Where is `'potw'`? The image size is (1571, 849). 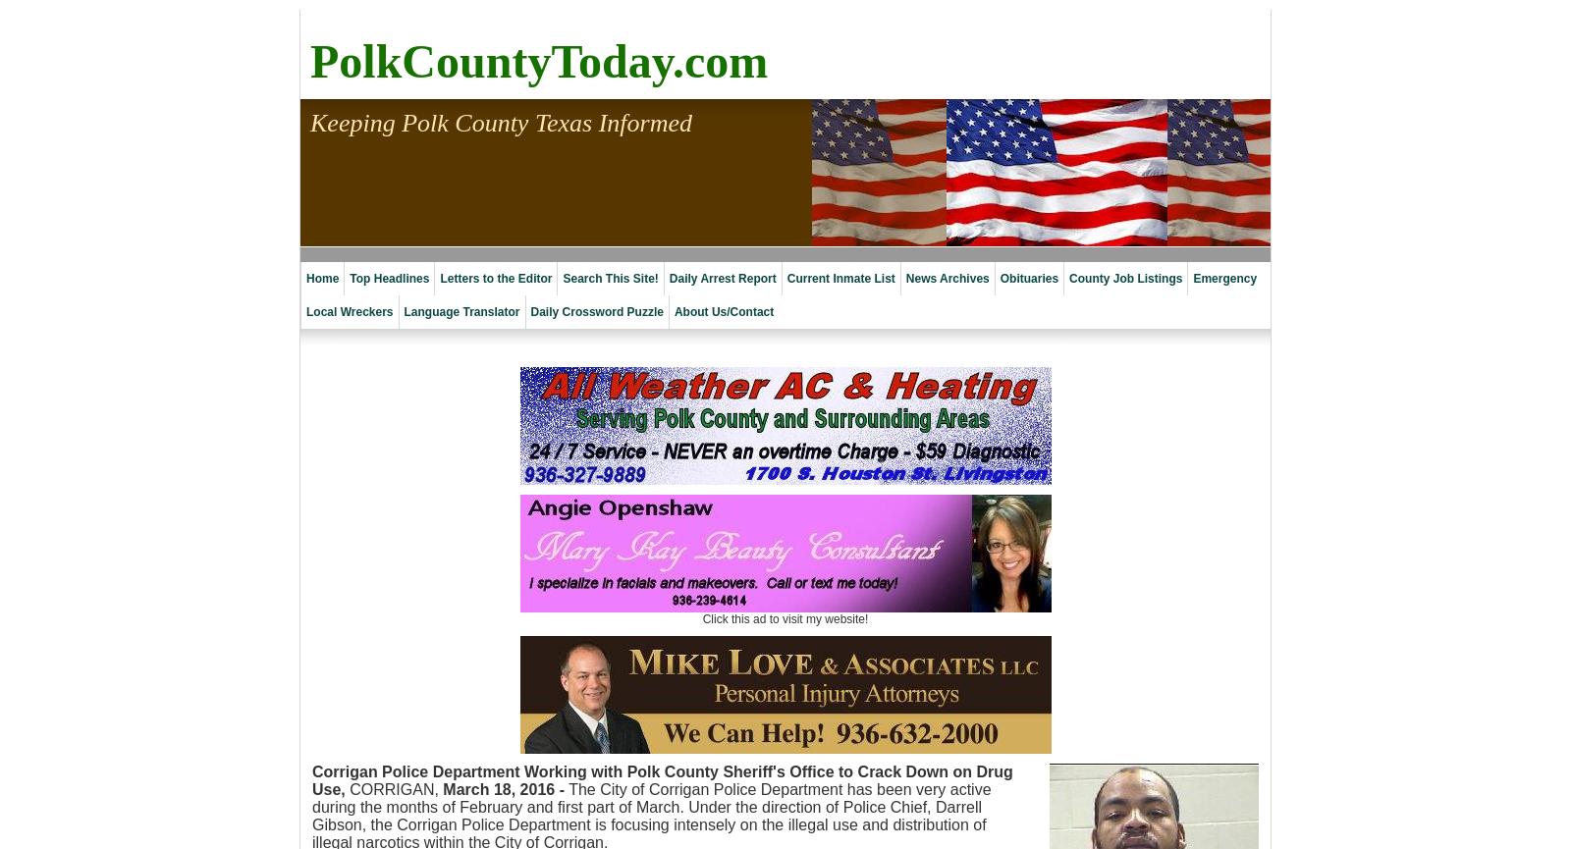
'potw' is located at coordinates (686, 346).